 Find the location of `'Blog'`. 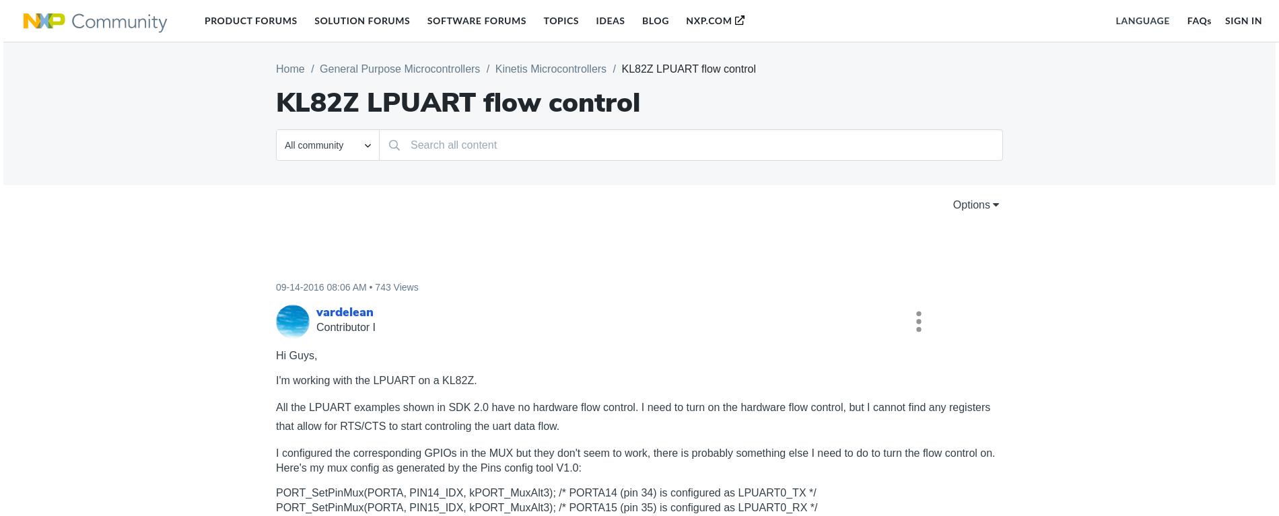

'Blog' is located at coordinates (655, 20).